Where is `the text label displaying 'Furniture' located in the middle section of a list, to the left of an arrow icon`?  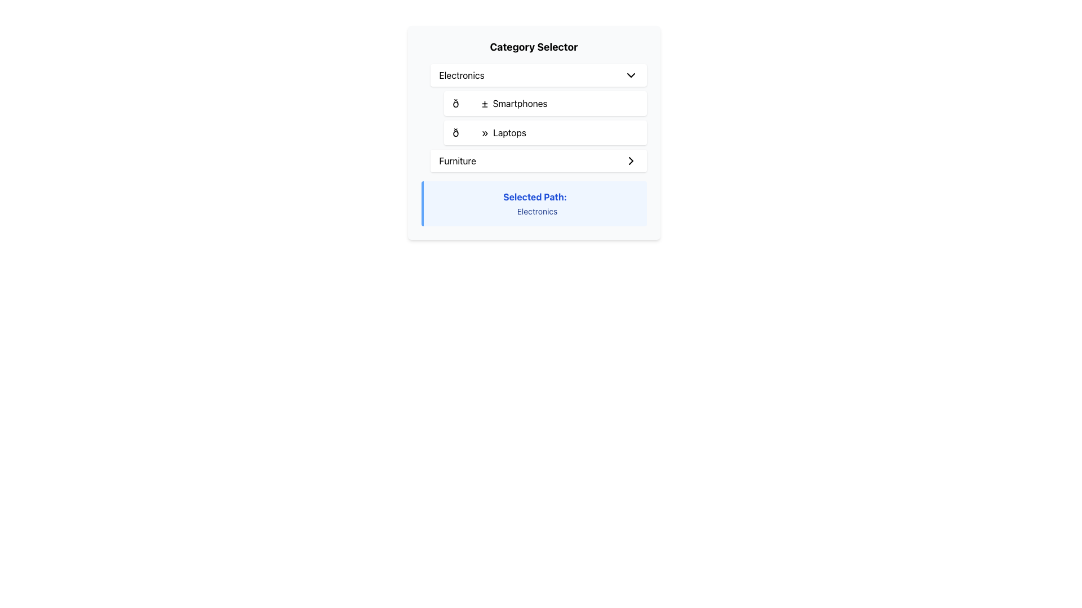 the text label displaying 'Furniture' located in the middle section of a list, to the left of an arrow icon is located at coordinates (458, 160).